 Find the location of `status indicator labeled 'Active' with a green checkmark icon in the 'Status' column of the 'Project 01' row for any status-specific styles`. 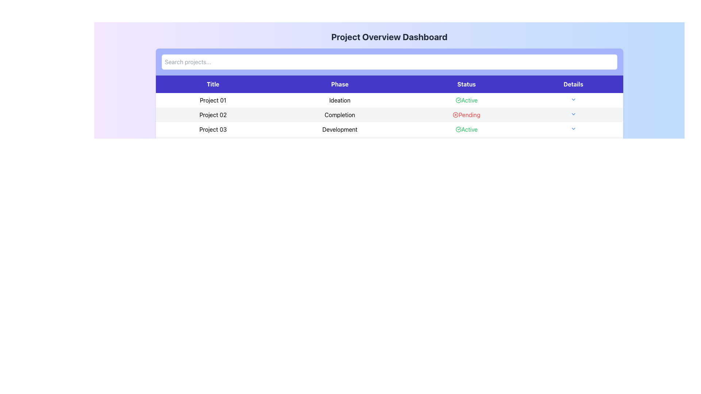

status indicator labeled 'Active' with a green checkmark icon in the 'Status' column of the 'Project 01' row for any status-specific styles is located at coordinates (466, 100).